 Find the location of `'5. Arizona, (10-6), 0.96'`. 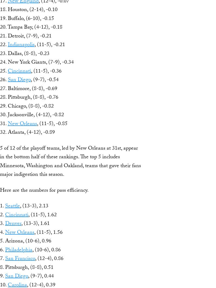

'5. Arizona, (10-6), 0.96' is located at coordinates (25, 241).